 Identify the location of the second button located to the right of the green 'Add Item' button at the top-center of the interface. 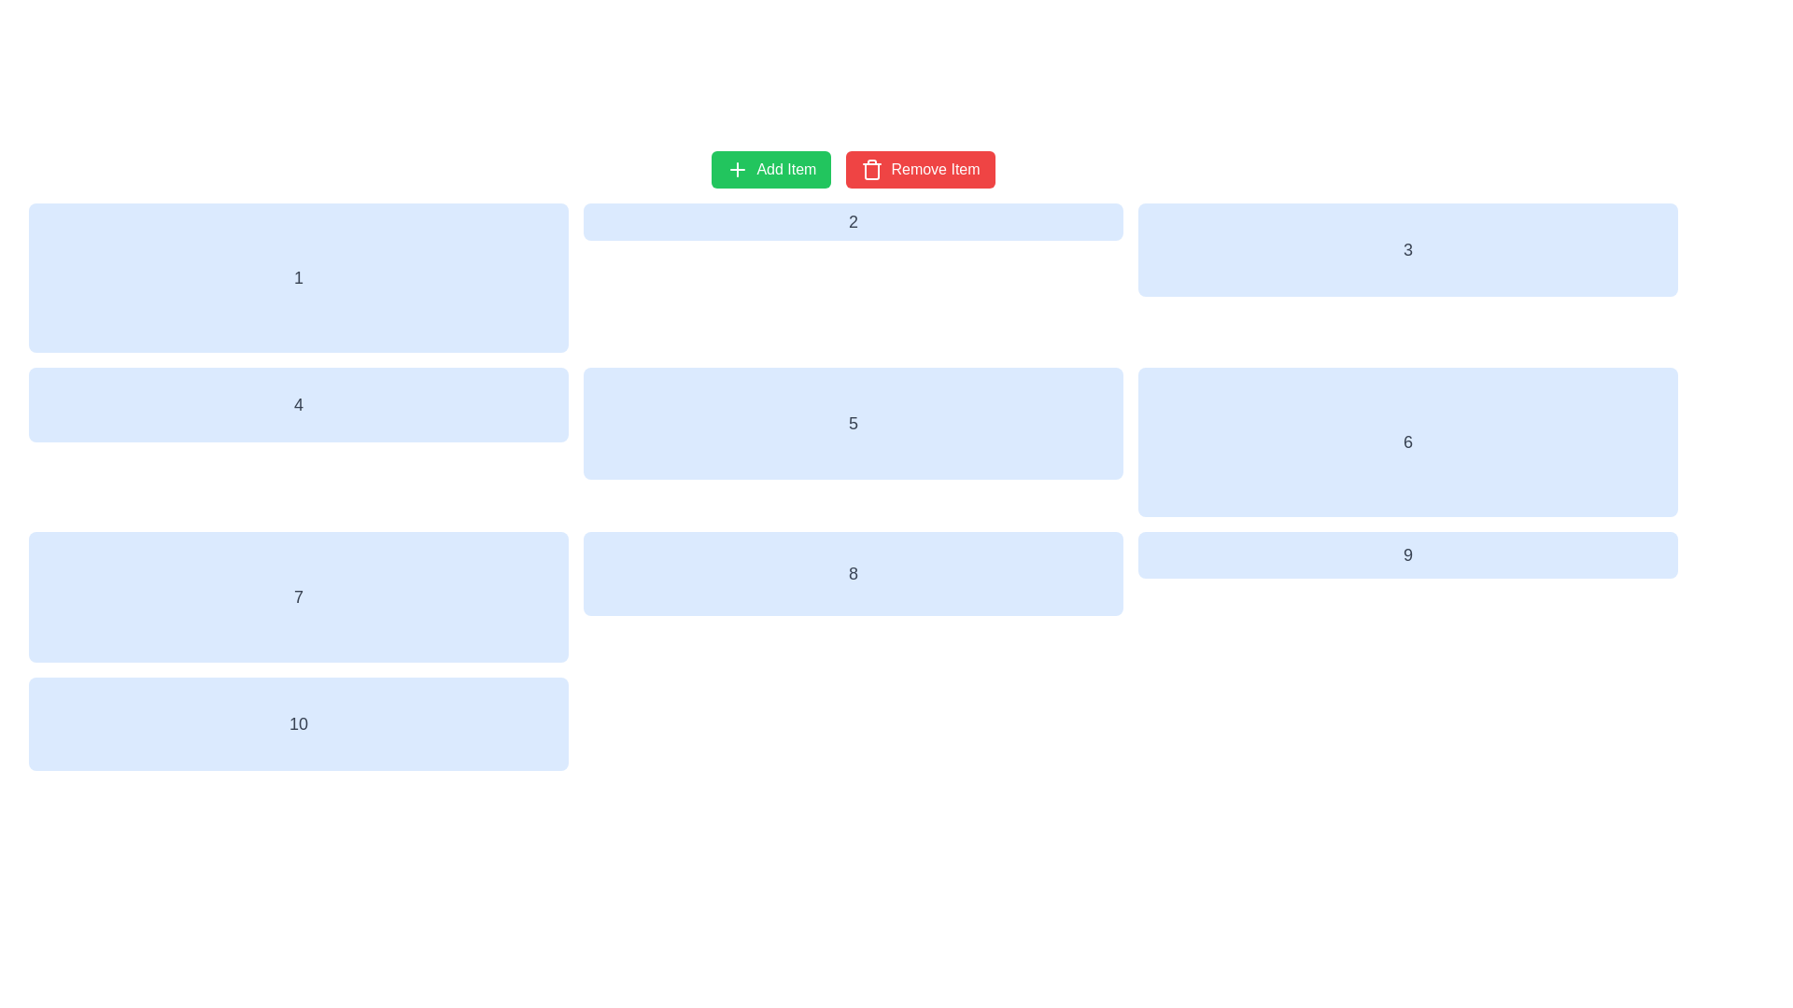
(920, 169).